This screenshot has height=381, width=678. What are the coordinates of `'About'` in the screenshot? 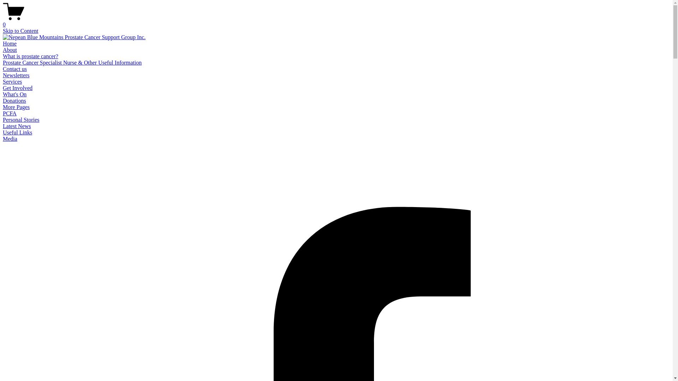 It's located at (10, 49).